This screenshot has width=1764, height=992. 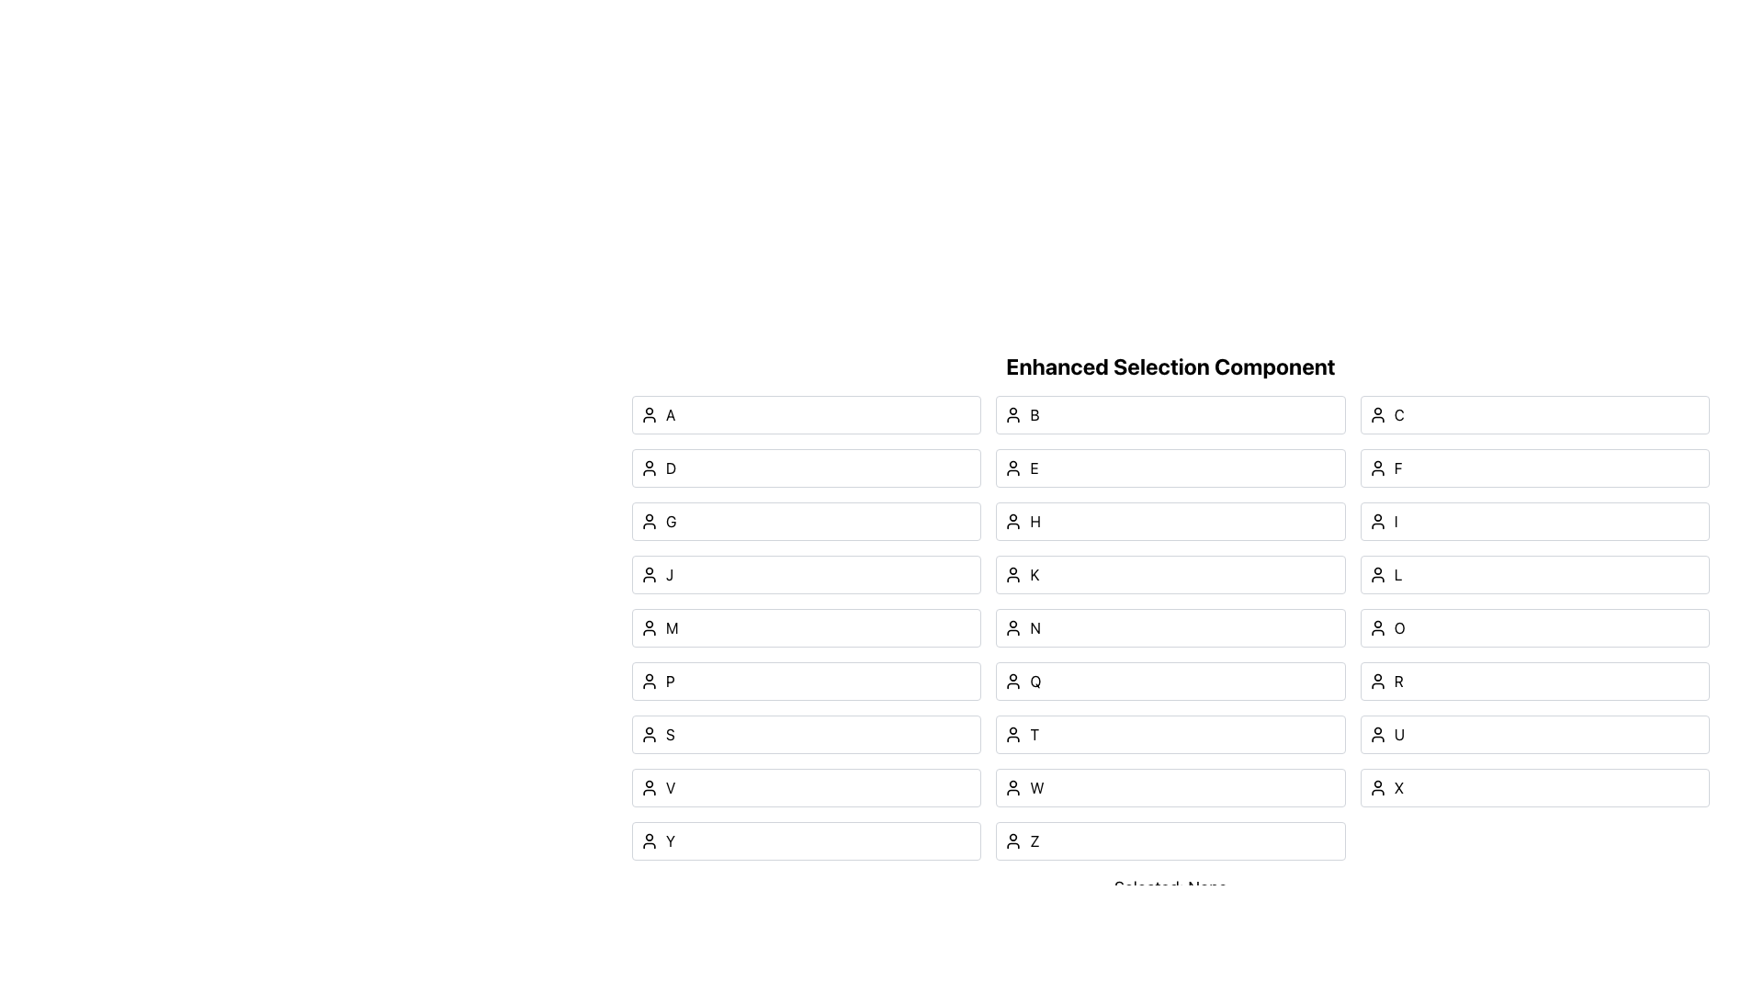 What do you see at coordinates (1170, 521) in the screenshot?
I see `the button labeled 'H' located in the middle column of the grid layout, positioned between the buttons 'G' and 'I'` at bounding box center [1170, 521].